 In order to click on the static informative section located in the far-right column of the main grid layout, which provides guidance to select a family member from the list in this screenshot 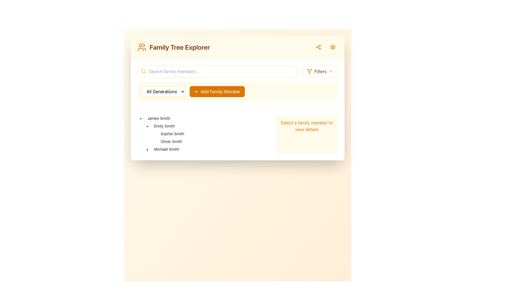, I will do `click(306, 134)`.